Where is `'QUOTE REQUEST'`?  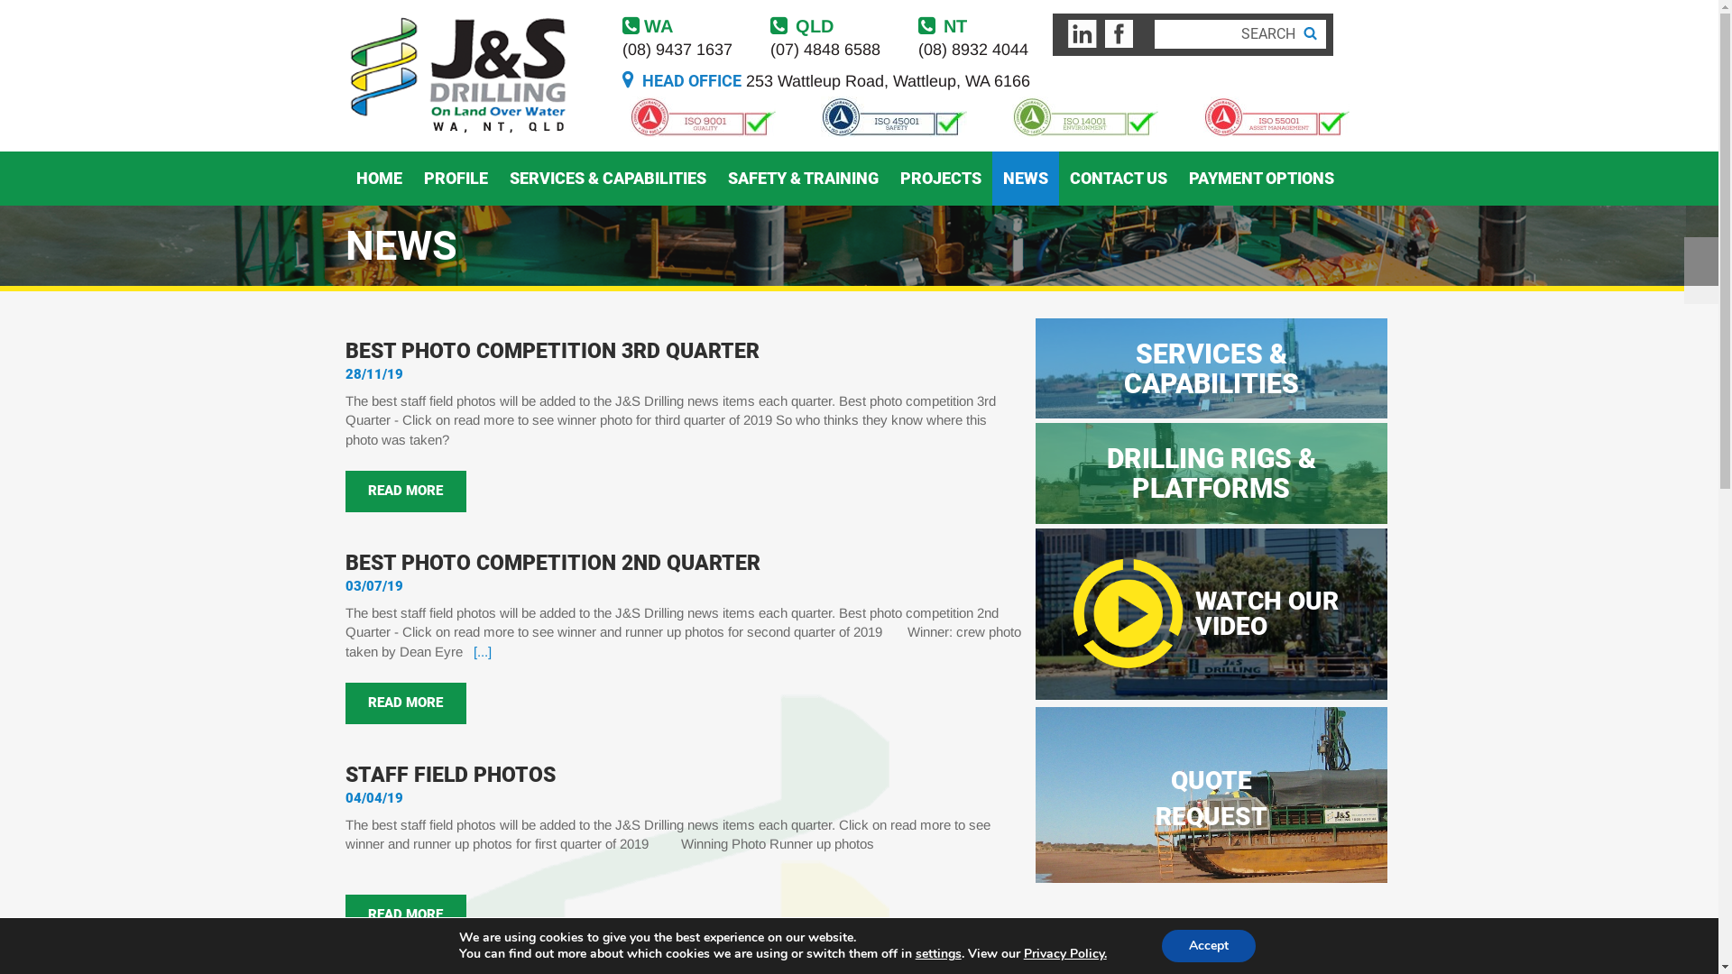 'QUOTE REQUEST' is located at coordinates (1211, 794).